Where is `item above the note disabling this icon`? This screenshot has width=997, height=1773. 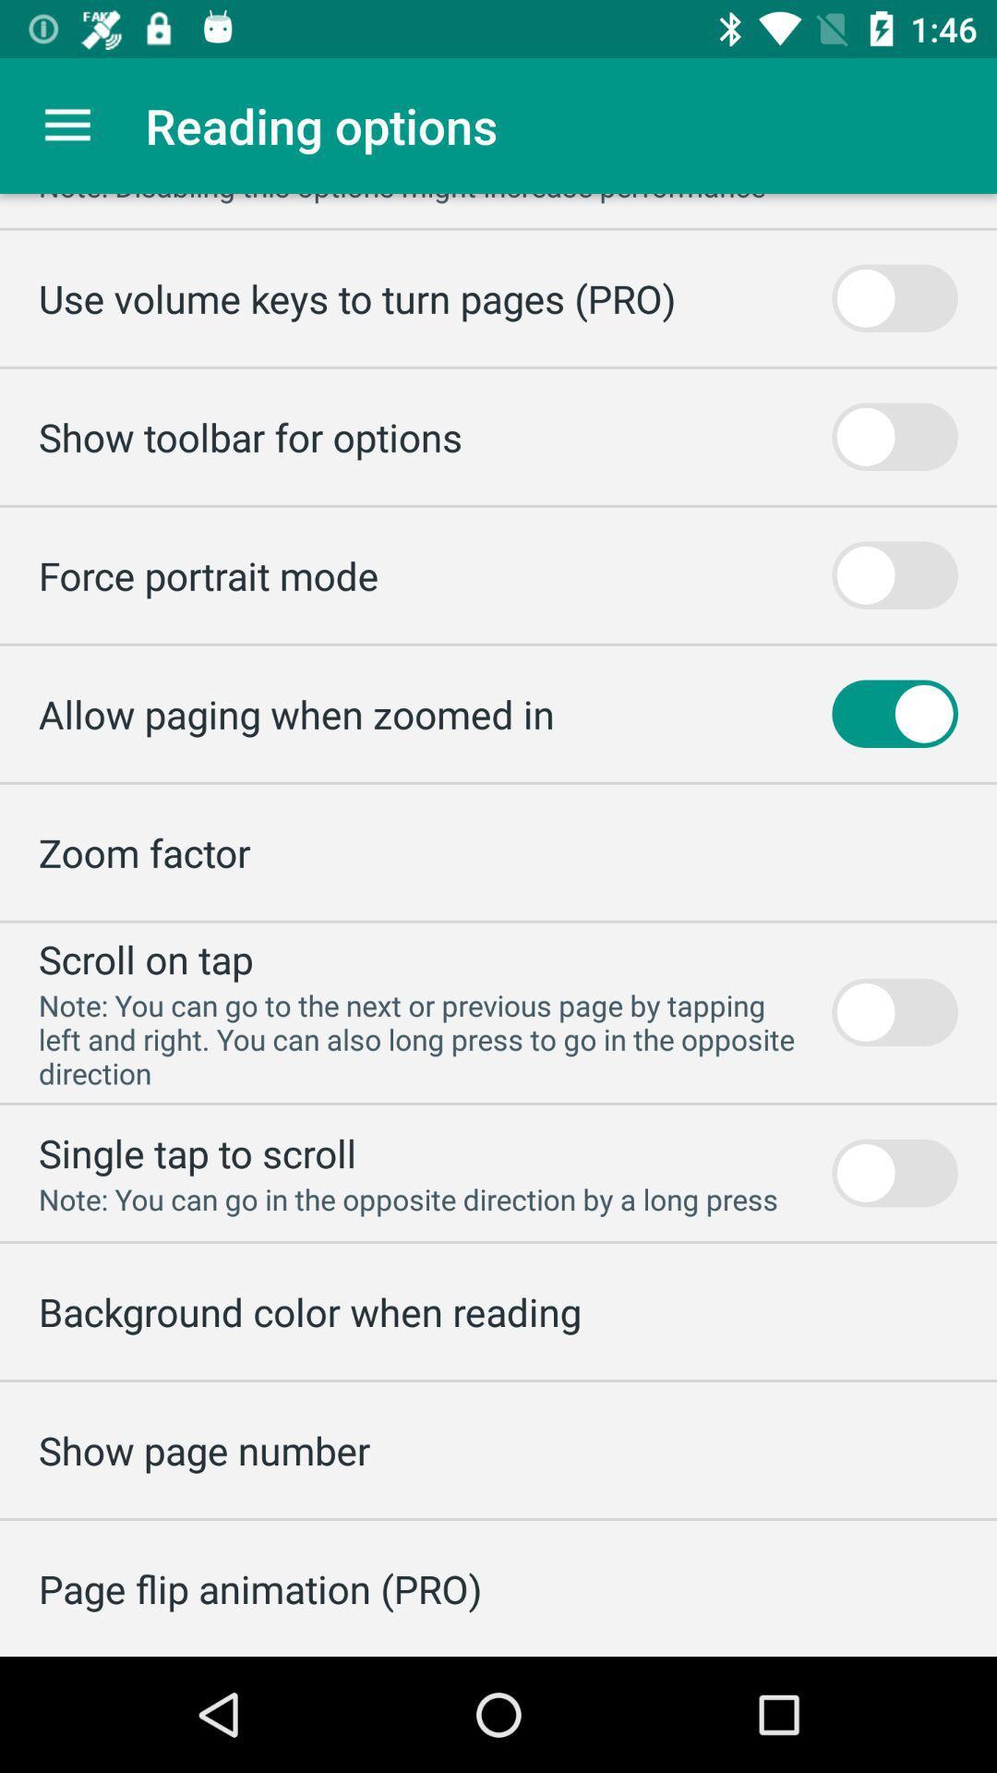
item above the note disabling this icon is located at coordinates (66, 125).